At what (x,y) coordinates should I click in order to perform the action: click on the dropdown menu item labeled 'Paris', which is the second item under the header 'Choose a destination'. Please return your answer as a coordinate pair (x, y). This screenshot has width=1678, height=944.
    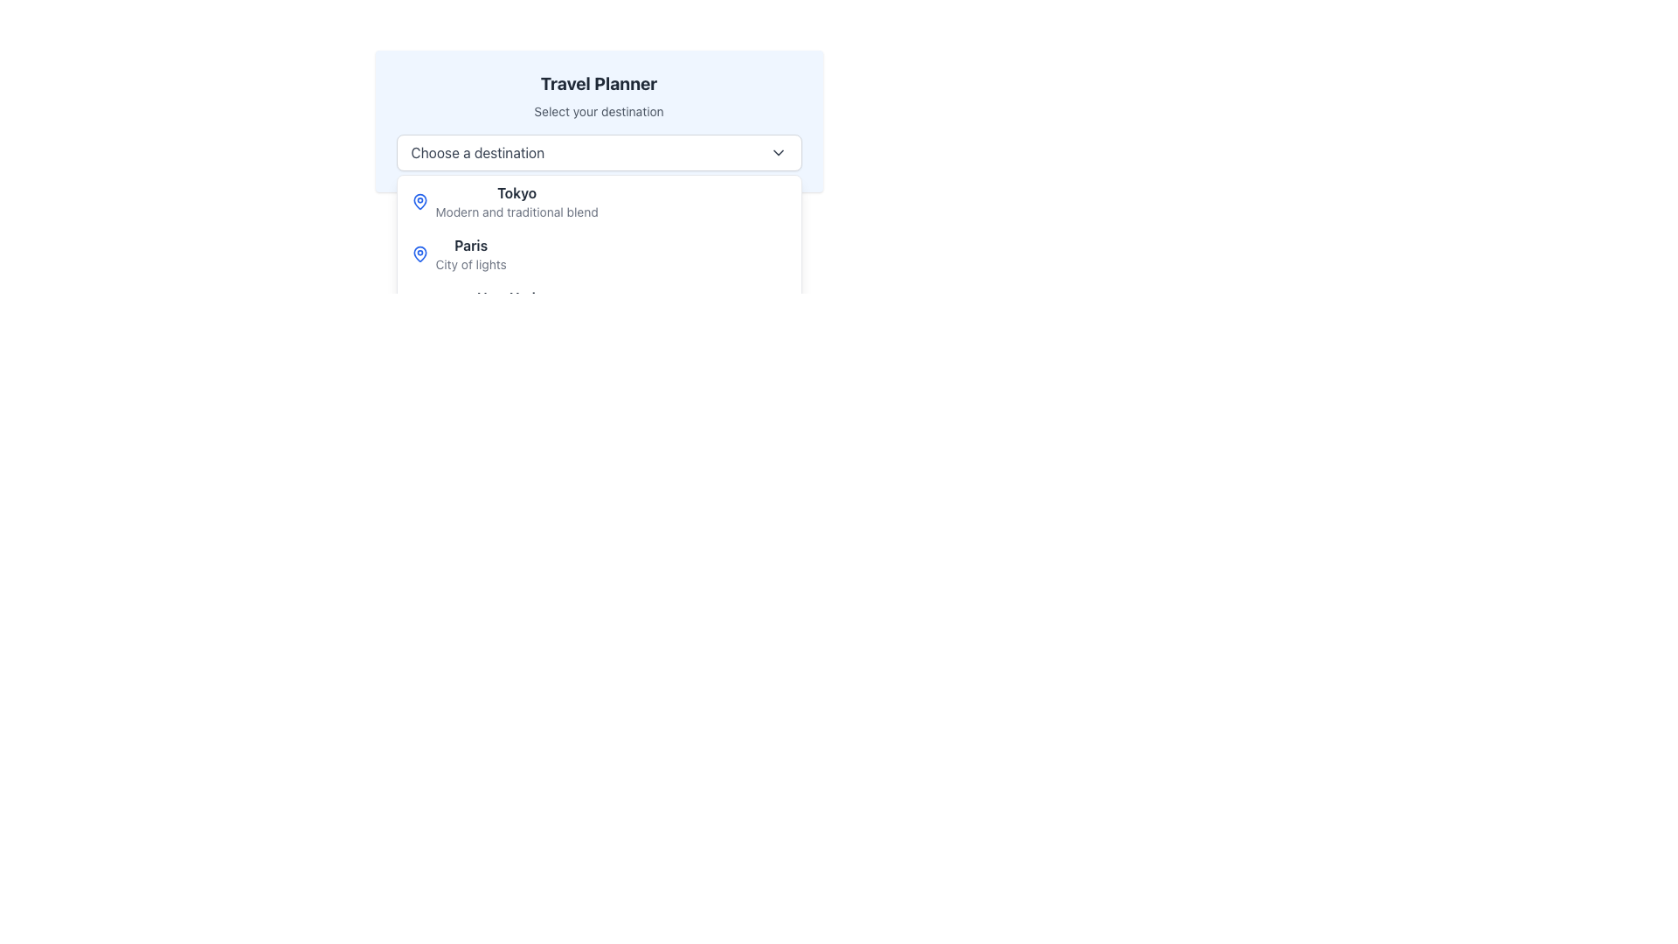
    Looking at the image, I should click on (471, 246).